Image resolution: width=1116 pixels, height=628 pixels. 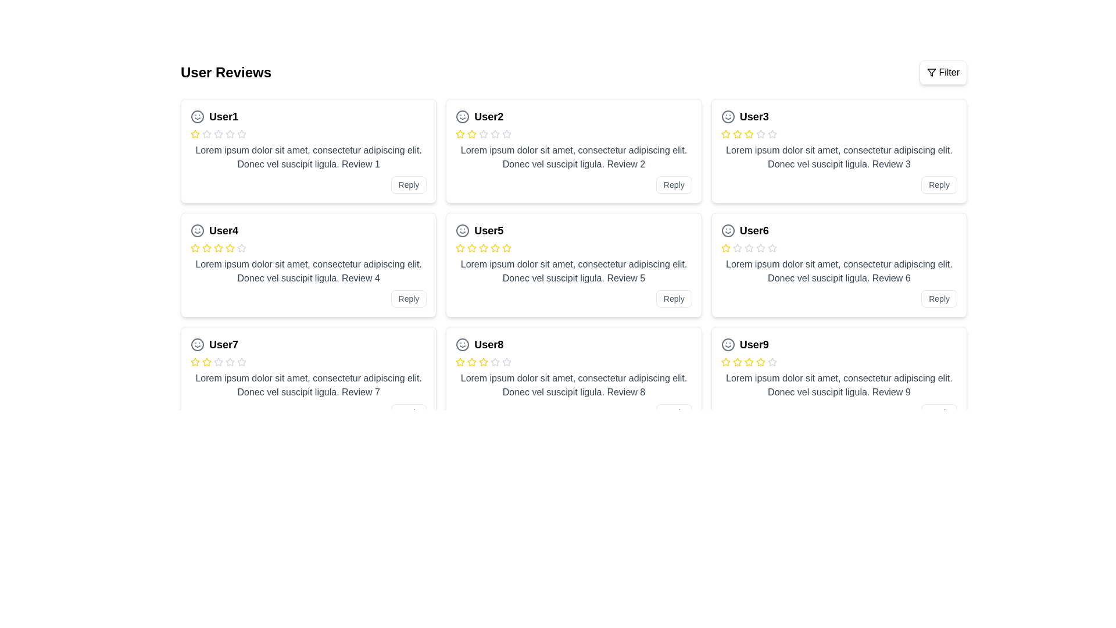 I want to click on the stars in the user review card, which is located in the second row of the grid layout, below the first card in the first row, so click(x=309, y=265).